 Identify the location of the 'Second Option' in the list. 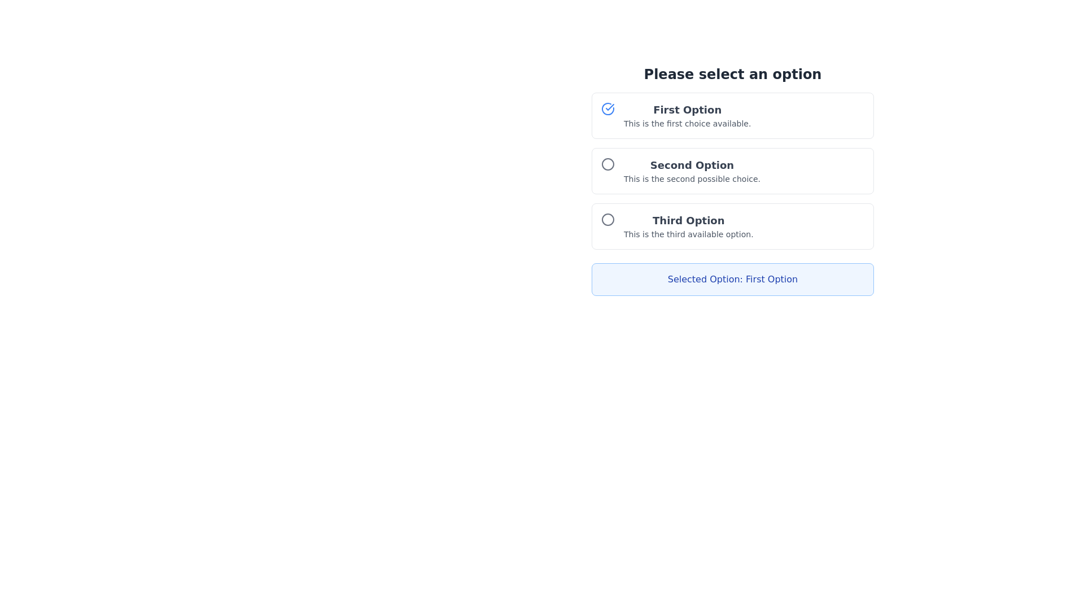
(732, 169).